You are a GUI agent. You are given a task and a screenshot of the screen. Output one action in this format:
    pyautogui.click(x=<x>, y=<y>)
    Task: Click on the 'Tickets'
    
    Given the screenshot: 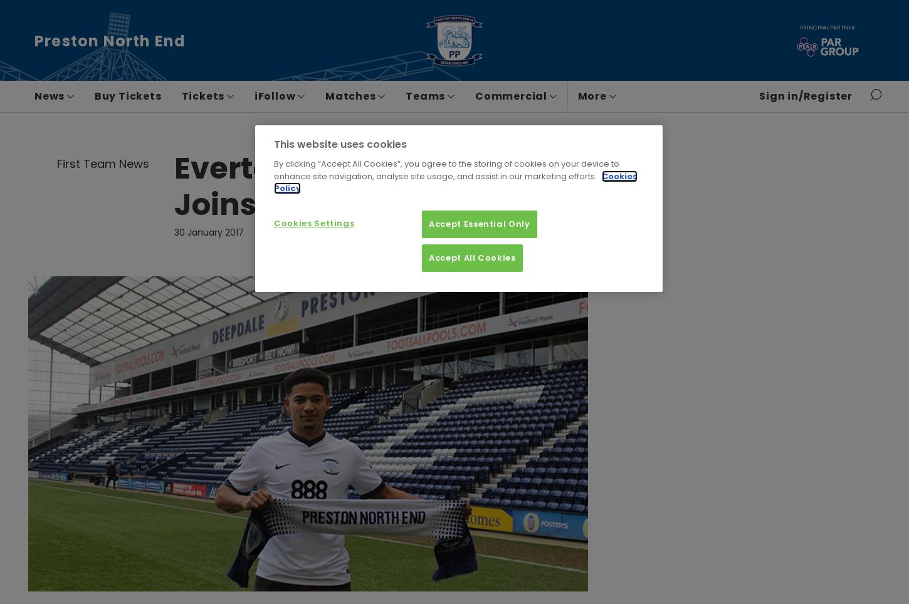 What is the action you would take?
    pyautogui.click(x=204, y=96)
    